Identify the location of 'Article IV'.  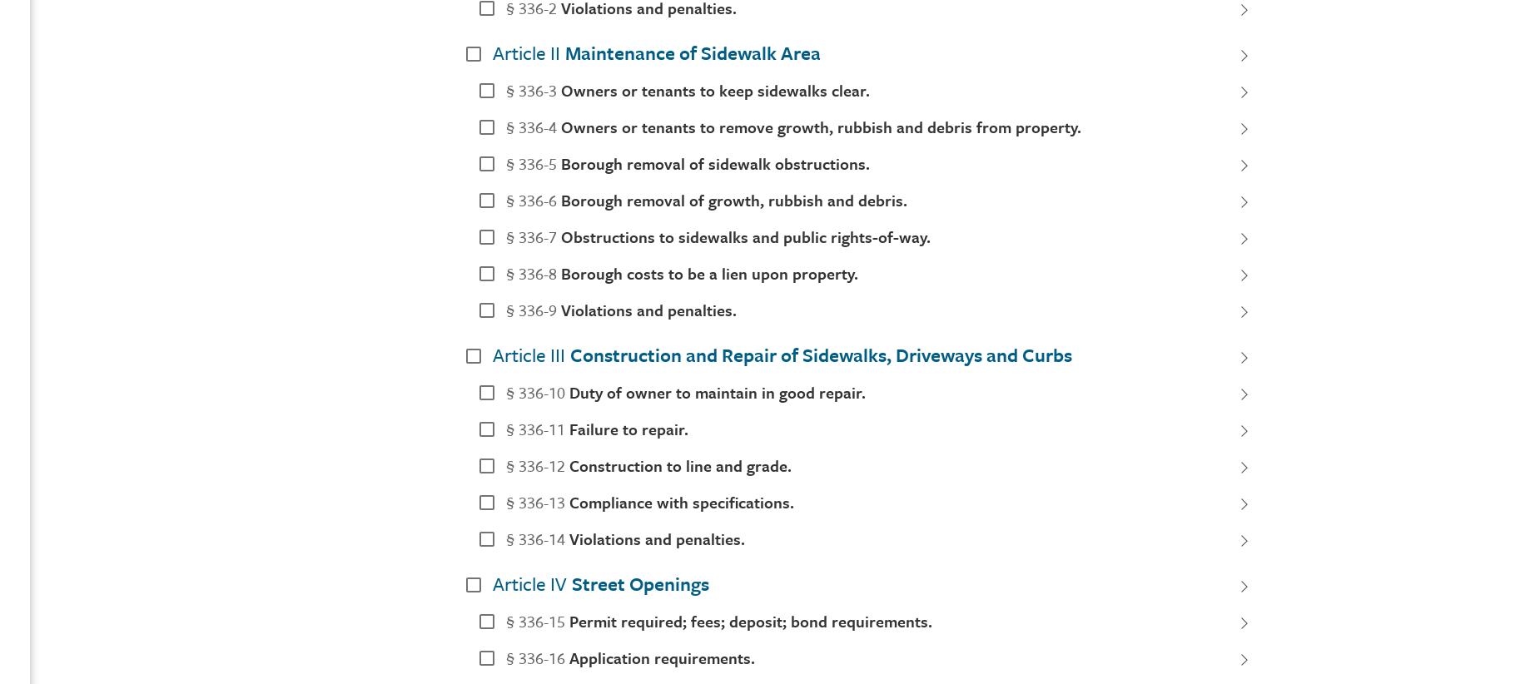
(529, 582).